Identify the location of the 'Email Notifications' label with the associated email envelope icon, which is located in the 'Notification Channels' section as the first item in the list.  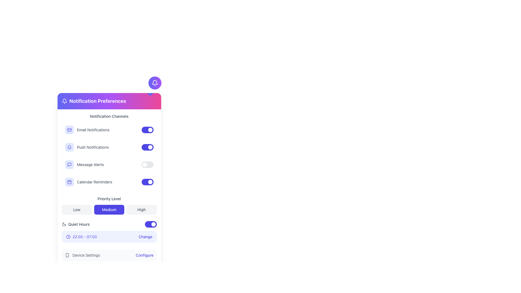
(87, 130).